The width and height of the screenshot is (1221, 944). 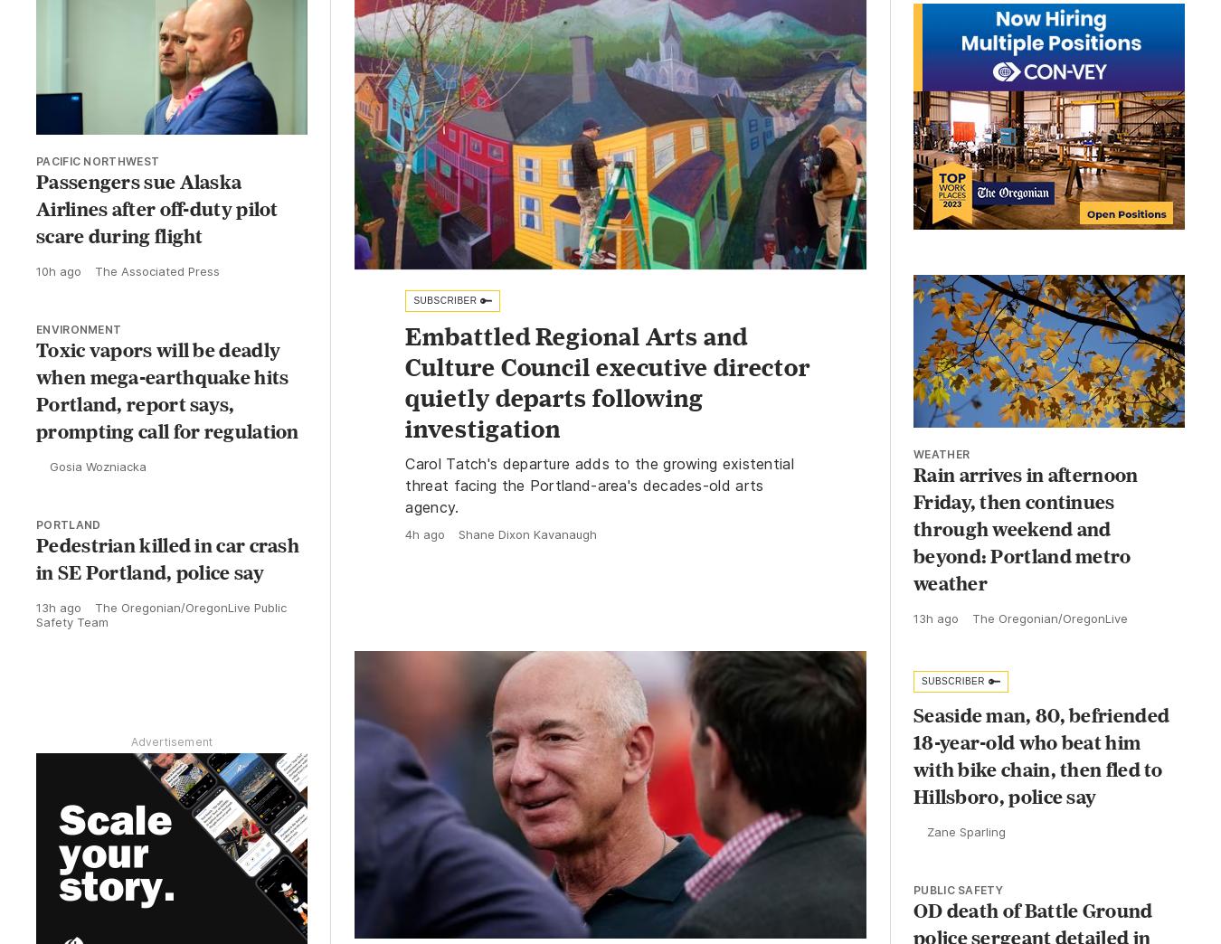 What do you see at coordinates (161, 613) in the screenshot?
I see `'The Oregonian/OregonLive Public Safety Team'` at bounding box center [161, 613].